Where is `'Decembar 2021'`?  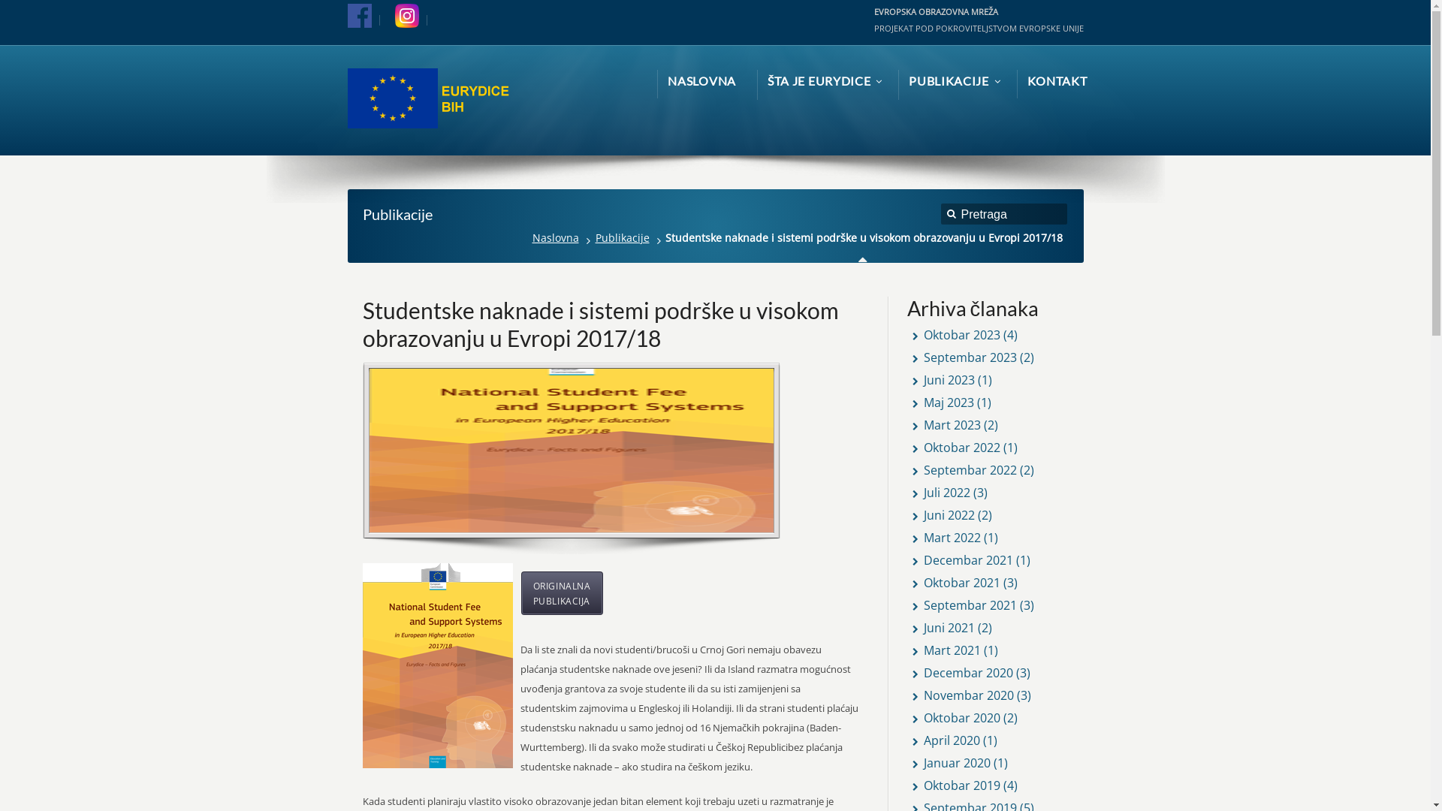 'Decembar 2021' is located at coordinates (922, 559).